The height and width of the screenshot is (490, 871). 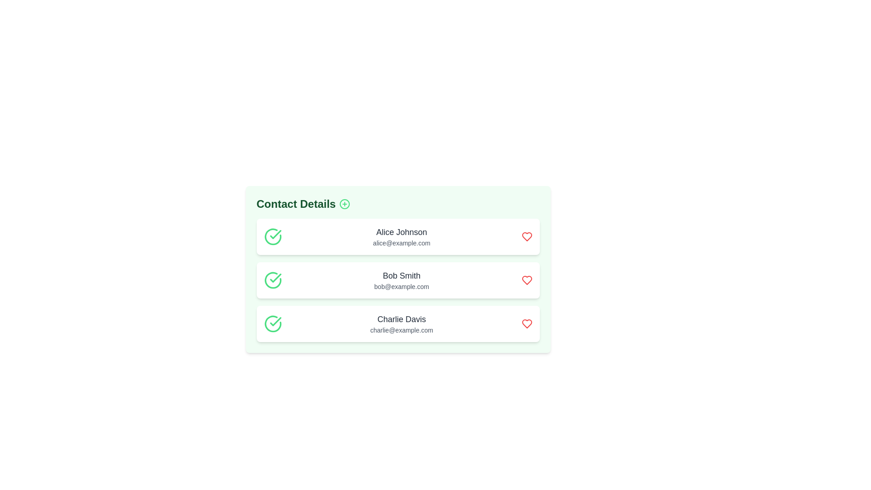 What do you see at coordinates (527, 236) in the screenshot?
I see `heart icon to favorite the contact Alice Johnson` at bounding box center [527, 236].